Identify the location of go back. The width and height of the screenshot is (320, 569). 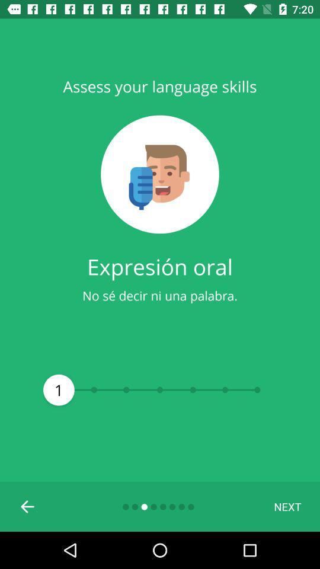
(28, 506).